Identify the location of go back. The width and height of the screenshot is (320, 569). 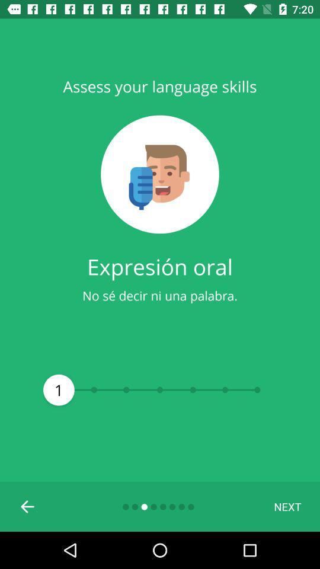
(28, 506).